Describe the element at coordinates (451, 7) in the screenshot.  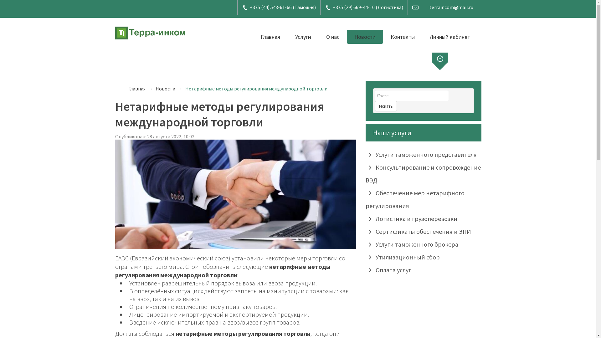
I see `'terraincom@mail.ru'` at that location.